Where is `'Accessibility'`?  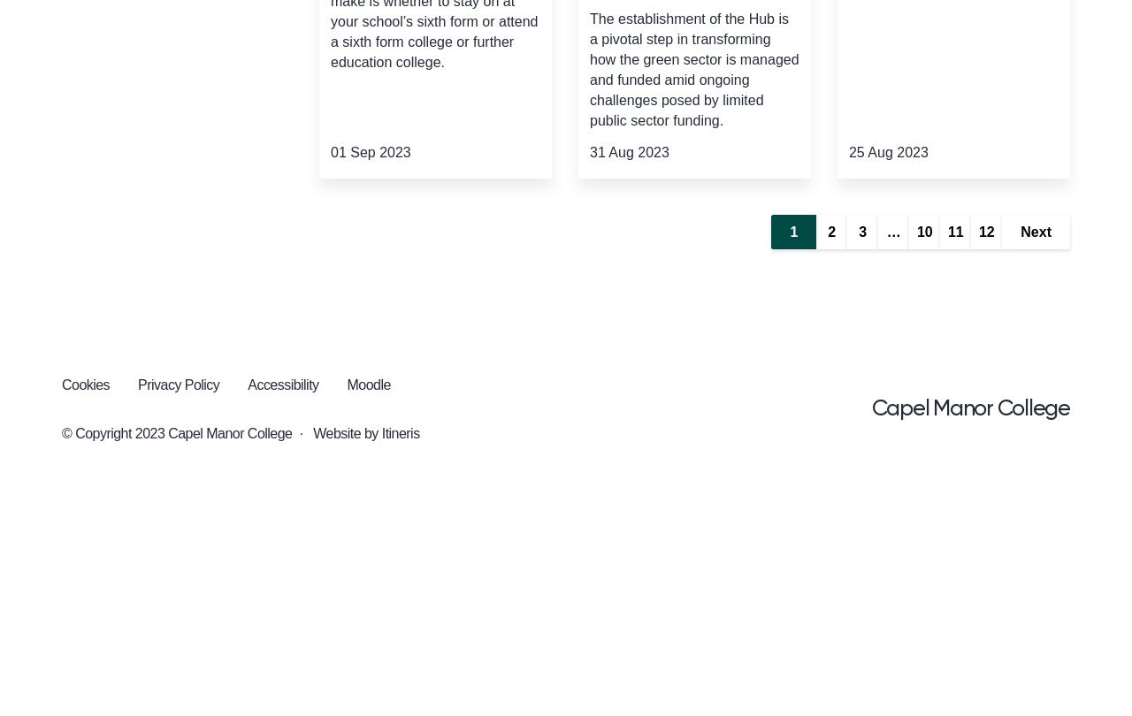
'Accessibility' is located at coordinates (247, 385).